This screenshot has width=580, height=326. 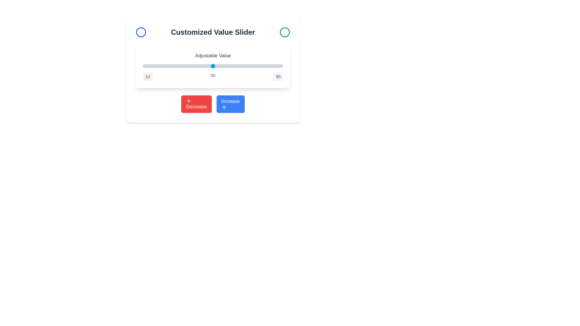 What do you see at coordinates (234, 66) in the screenshot?
I see `the slider value` at bounding box center [234, 66].